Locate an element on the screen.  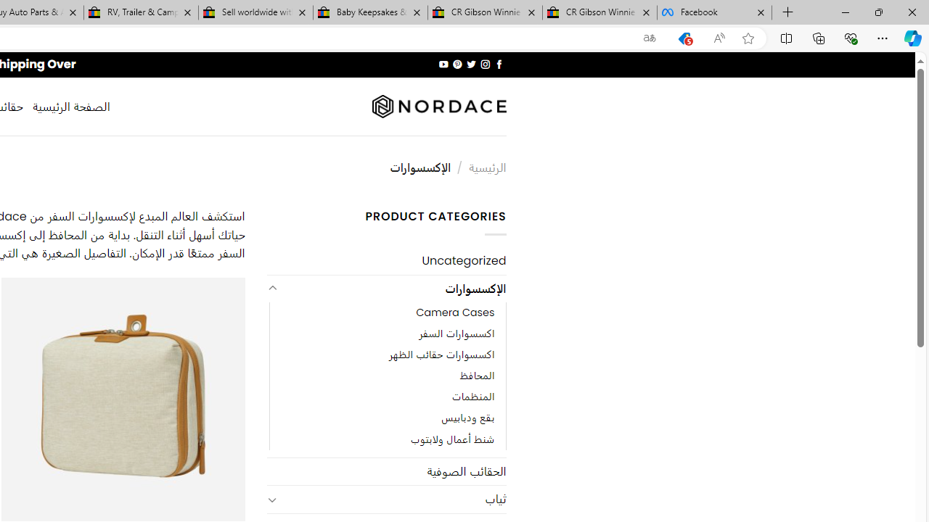
'Follow on Pinterest' is located at coordinates (457, 64).